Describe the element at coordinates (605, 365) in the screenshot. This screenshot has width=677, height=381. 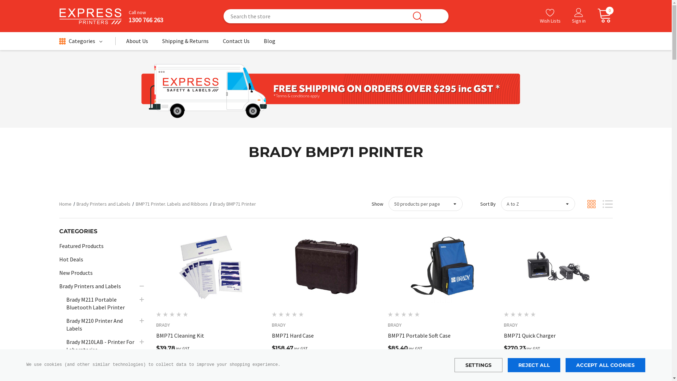
I see `'ACCEPT ALL COOKIES'` at that location.